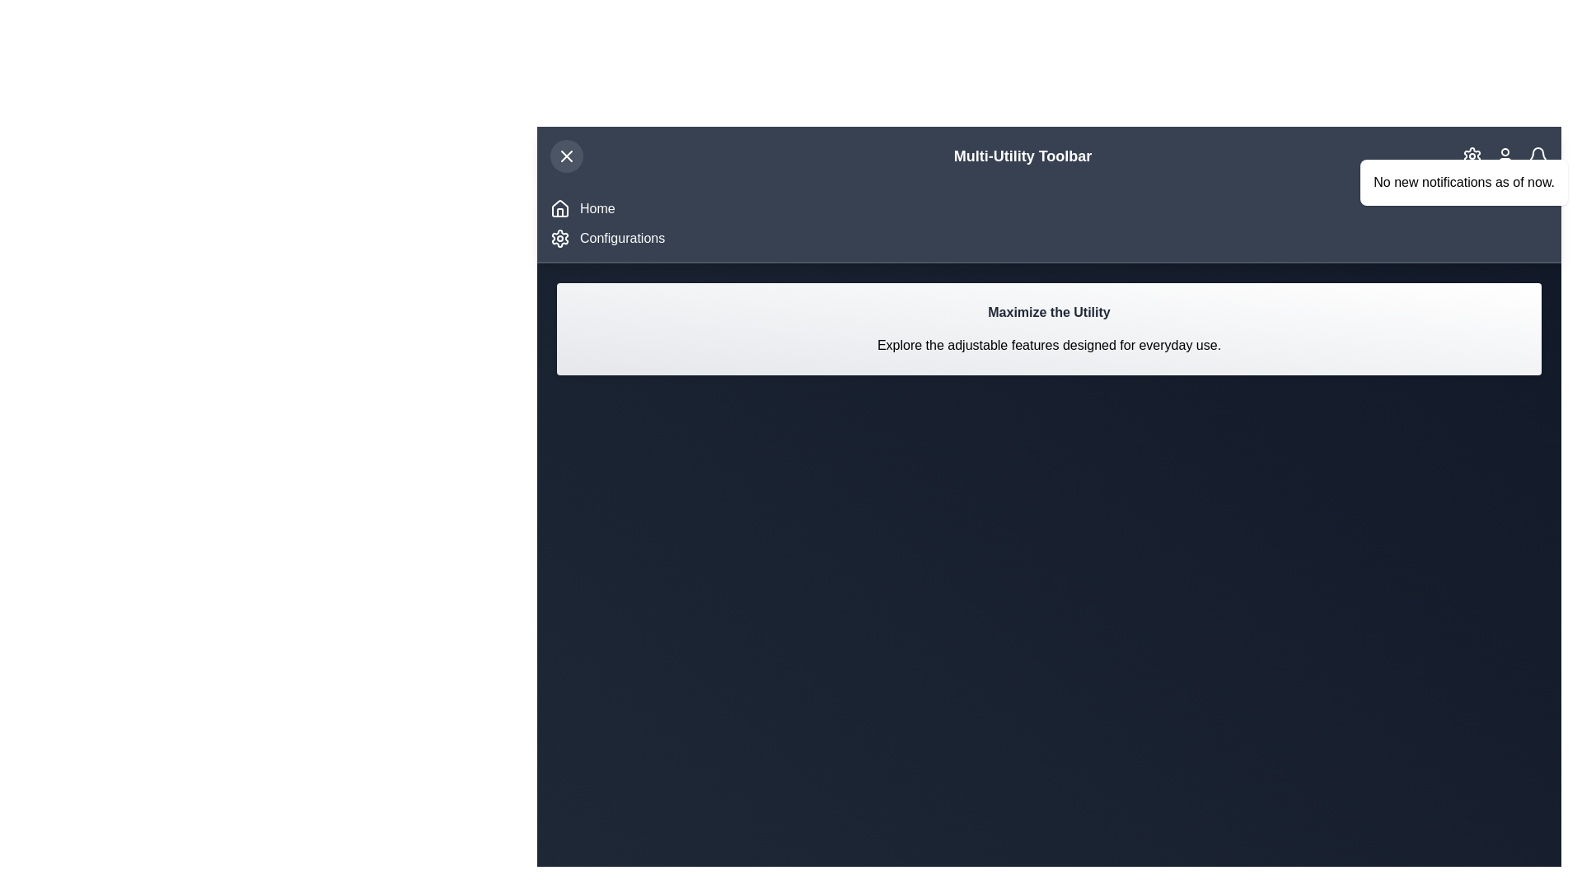 The height and width of the screenshot is (889, 1582). Describe the element at coordinates (620, 238) in the screenshot. I see `the 'Configurations' option in the navigation` at that location.